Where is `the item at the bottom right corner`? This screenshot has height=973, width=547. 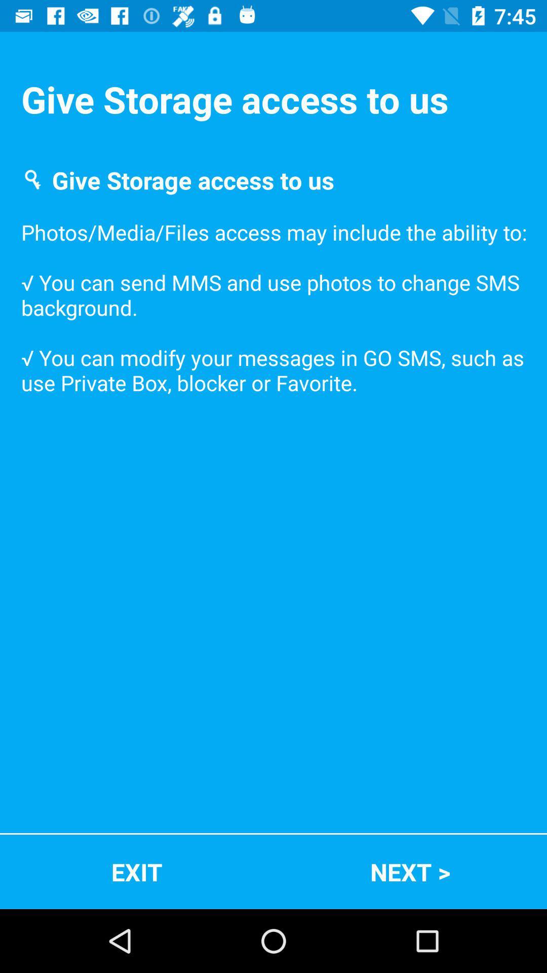
the item at the bottom right corner is located at coordinates (410, 871).